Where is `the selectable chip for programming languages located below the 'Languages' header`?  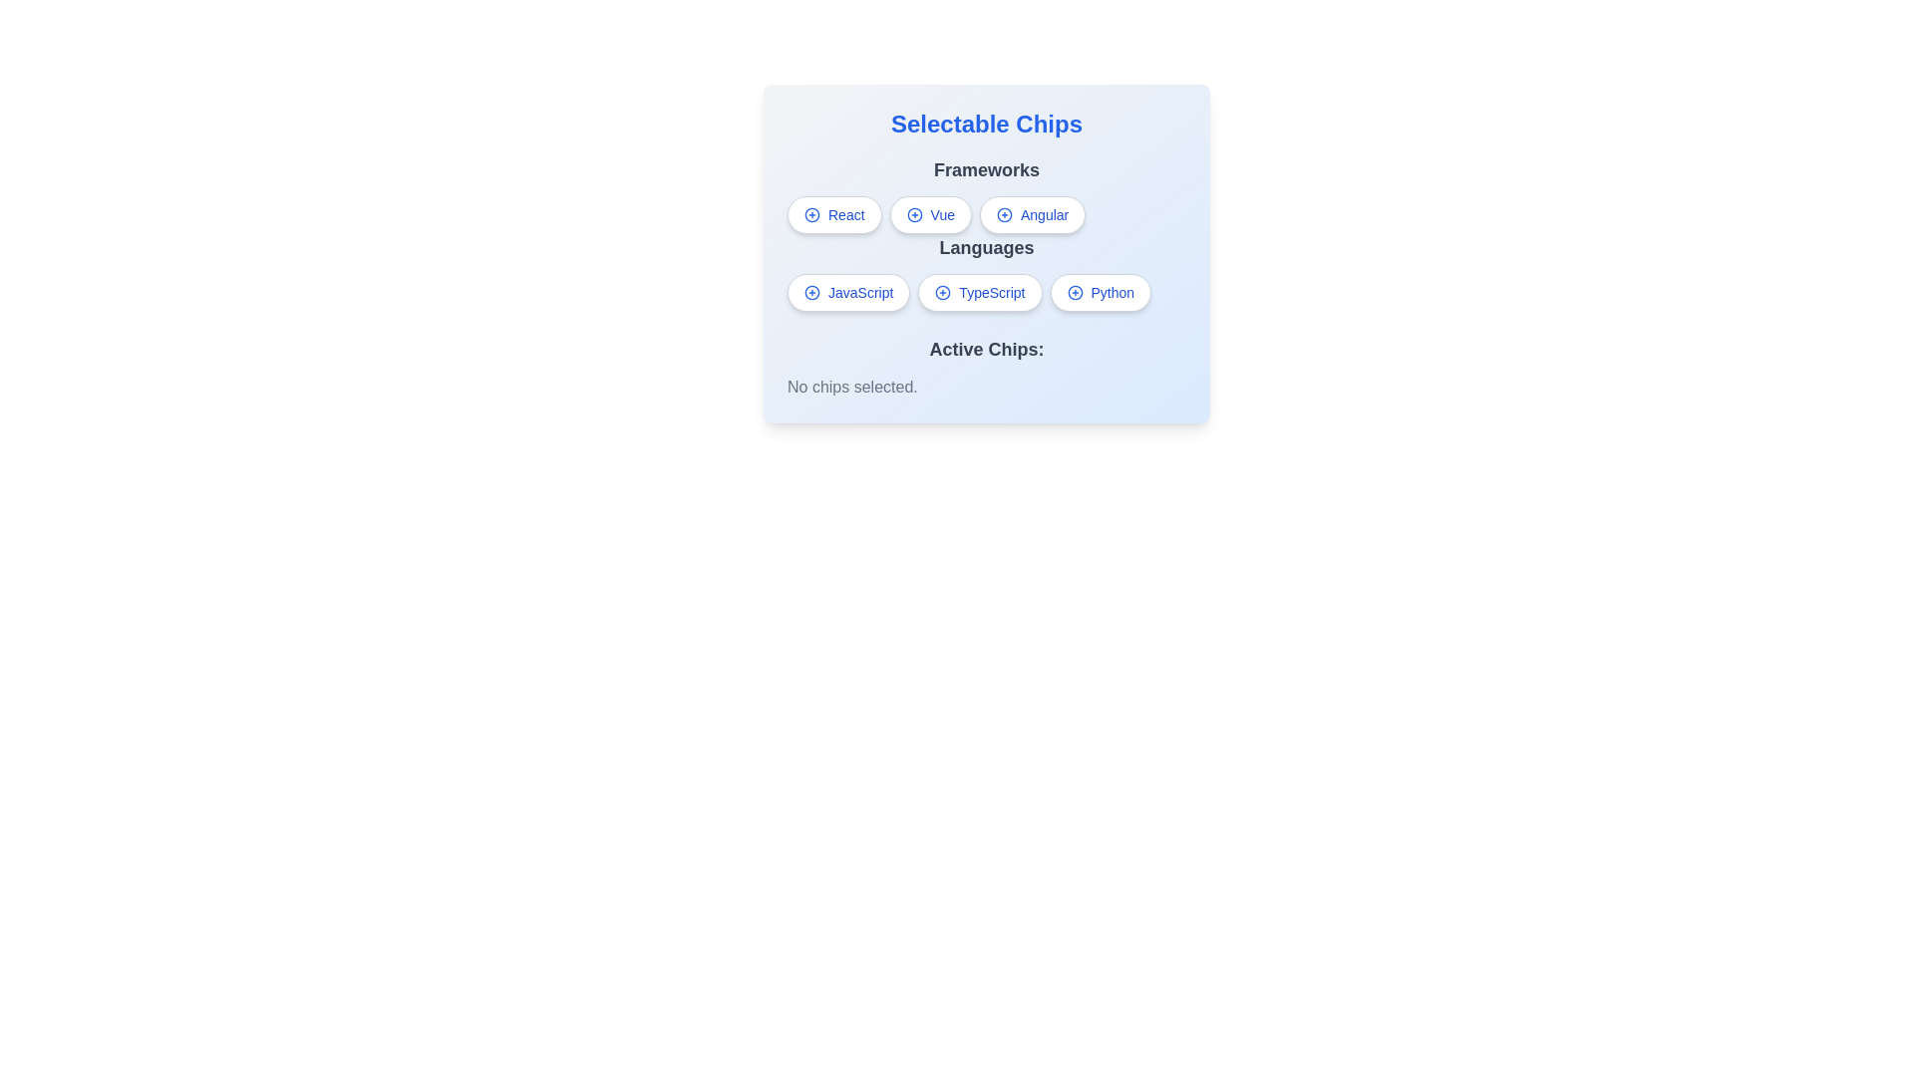 the selectable chip for programming languages located below the 'Languages' header is located at coordinates (986, 292).